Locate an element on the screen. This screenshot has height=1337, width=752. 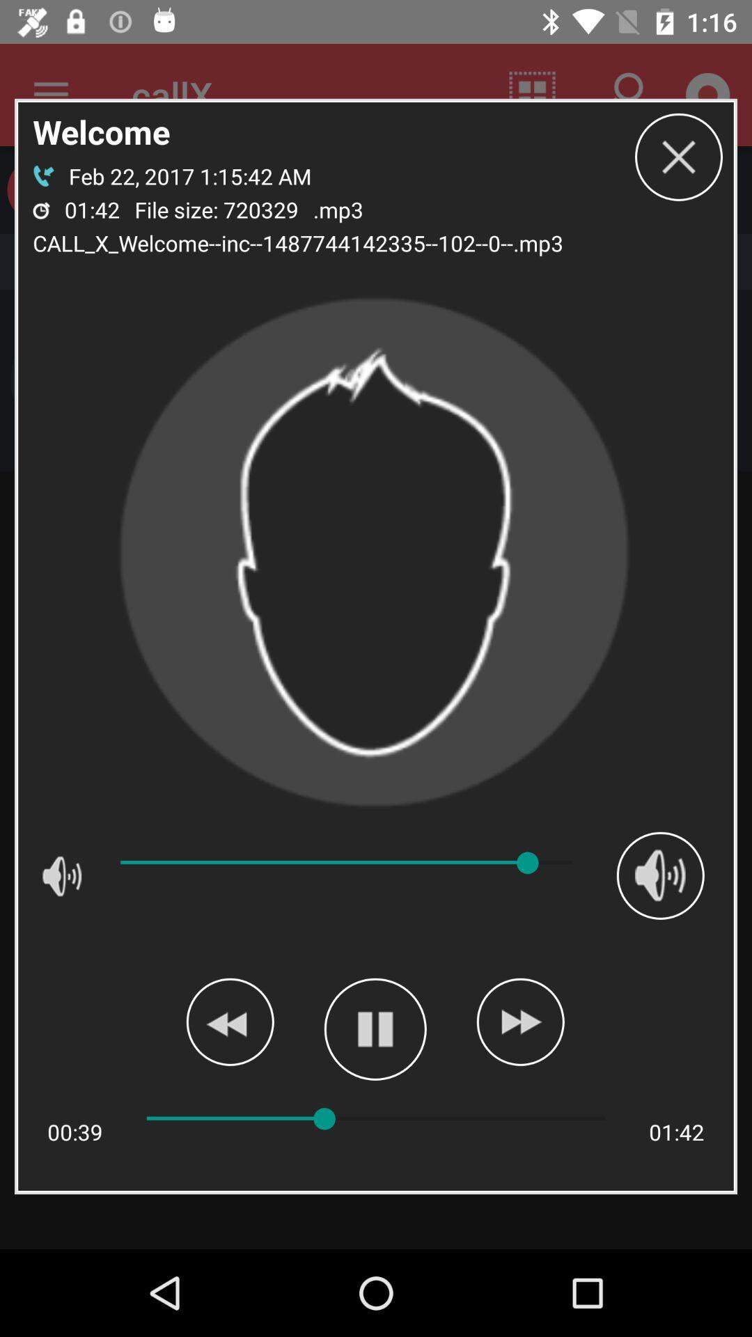
the icon on the right is located at coordinates (659, 875).